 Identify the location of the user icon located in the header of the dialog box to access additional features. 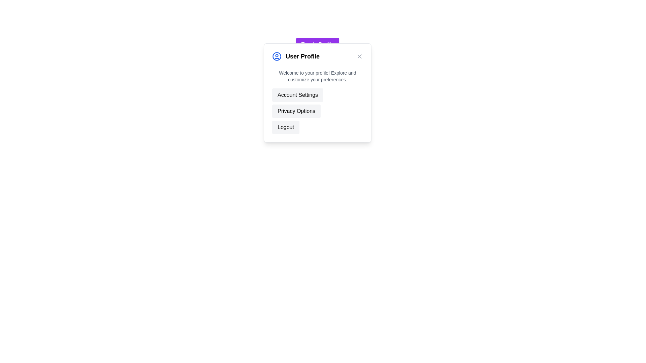
(317, 57).